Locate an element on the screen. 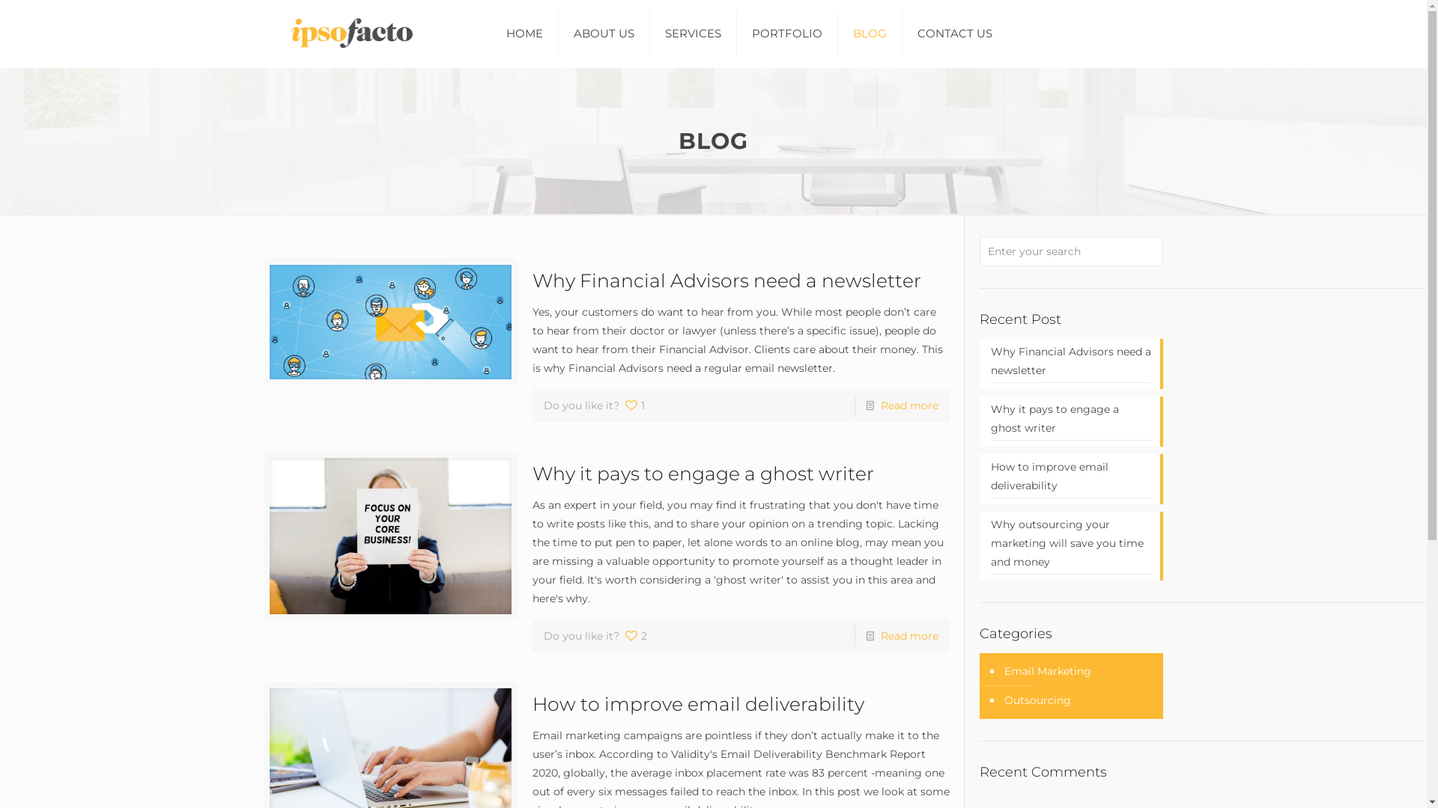 The image size is (1438, 808). 'Email Marketing' is located at coordinates (1046, 670).